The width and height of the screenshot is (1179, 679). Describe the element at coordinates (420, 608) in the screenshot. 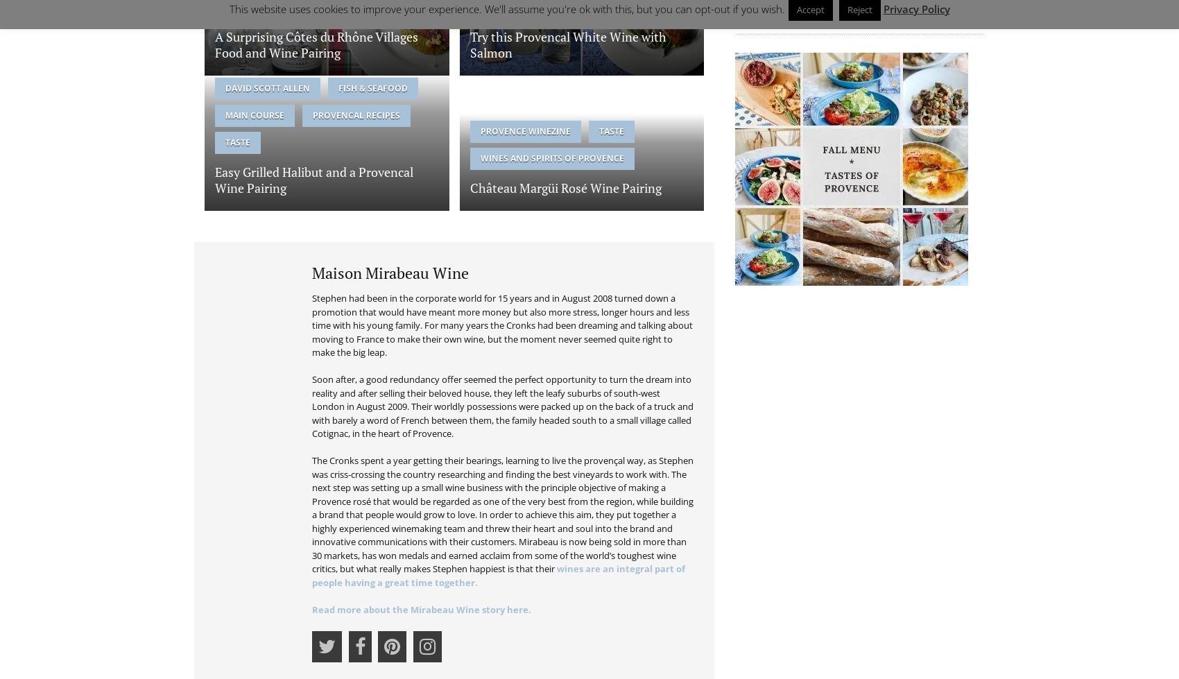

I see `'Read more about the Mirabeau Wine story here.'` at that location.